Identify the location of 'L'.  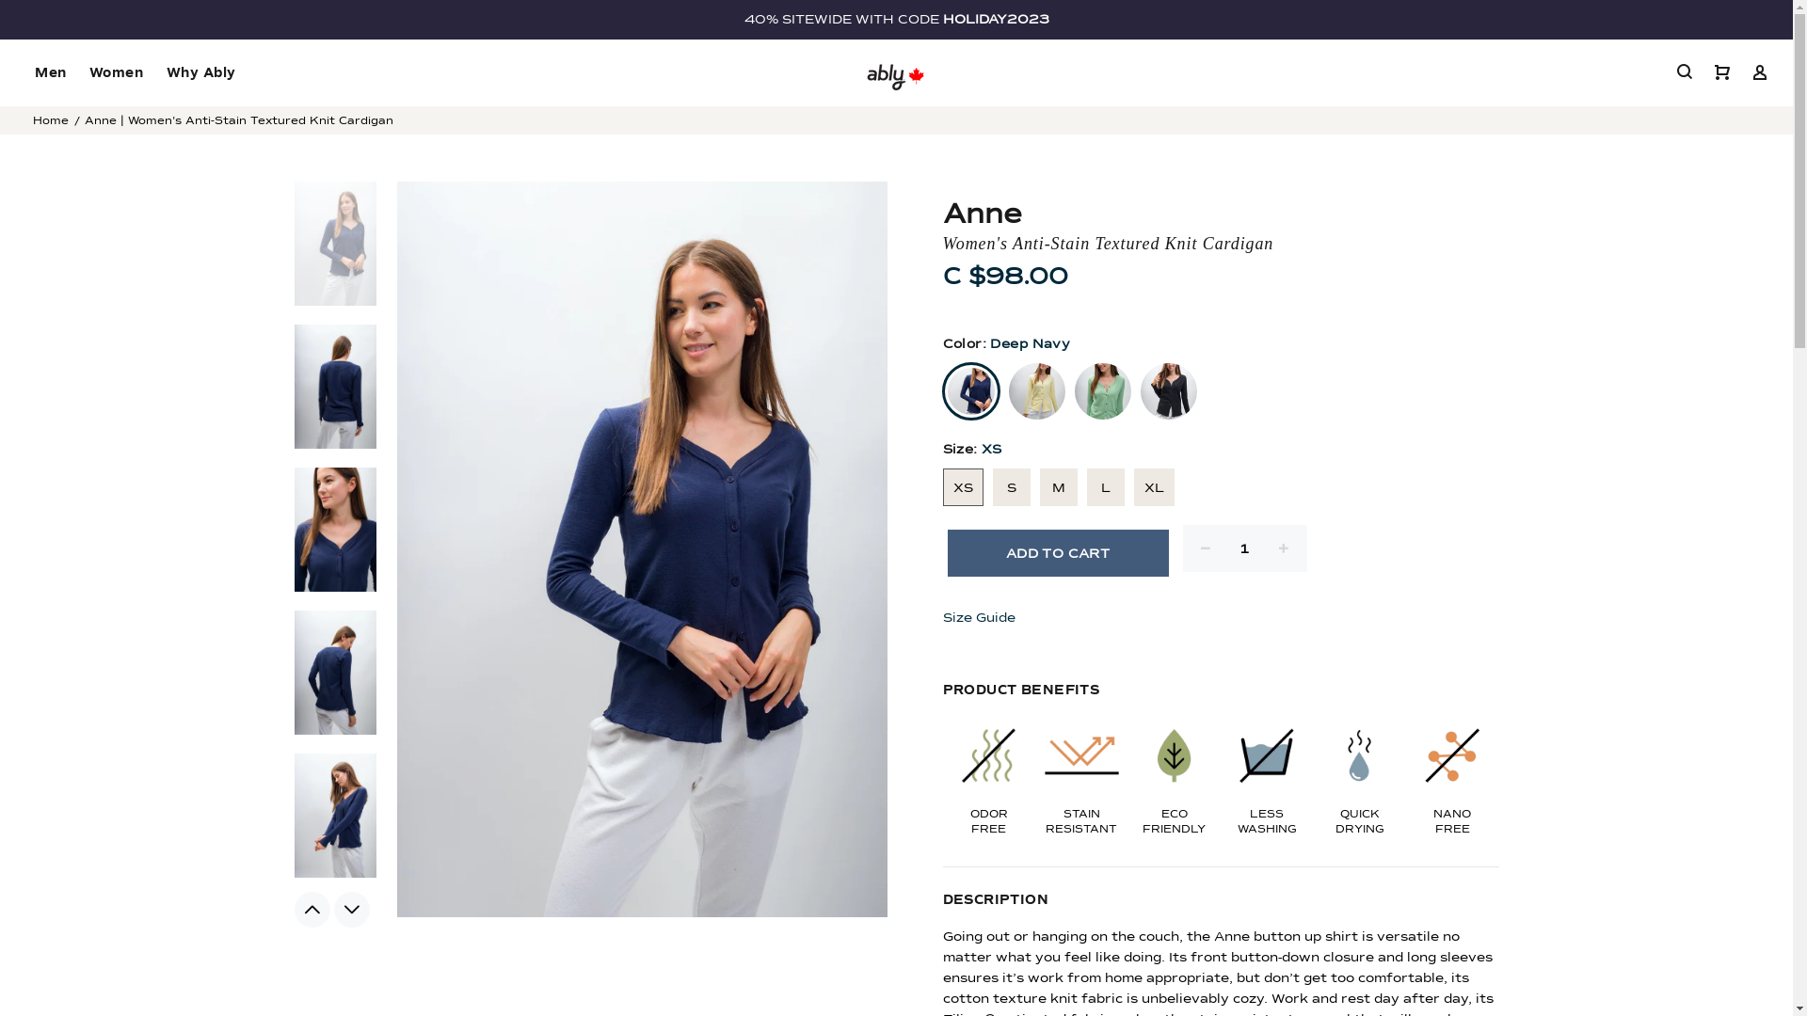
(1105, 485).